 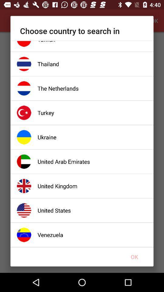 I want to click on icon below the venezuela, so click(x=134, y=256).